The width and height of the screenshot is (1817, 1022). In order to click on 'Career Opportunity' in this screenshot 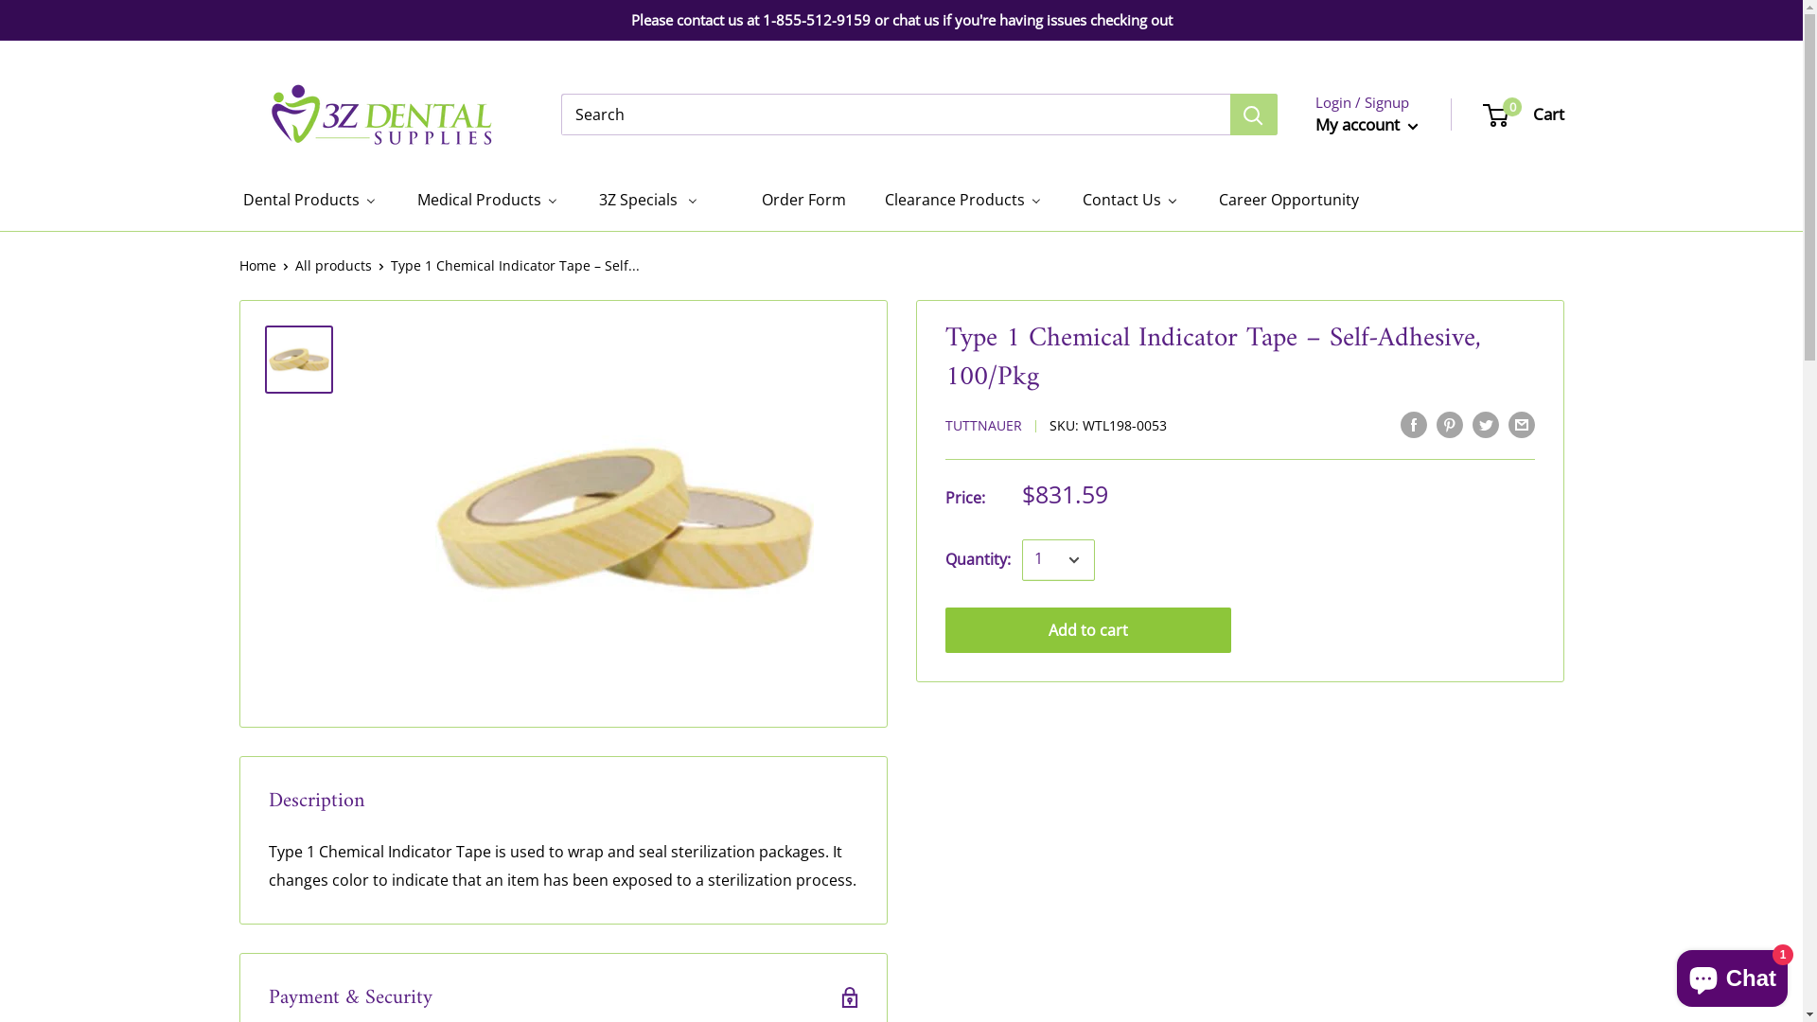, I will do `click(1287, 200)`.